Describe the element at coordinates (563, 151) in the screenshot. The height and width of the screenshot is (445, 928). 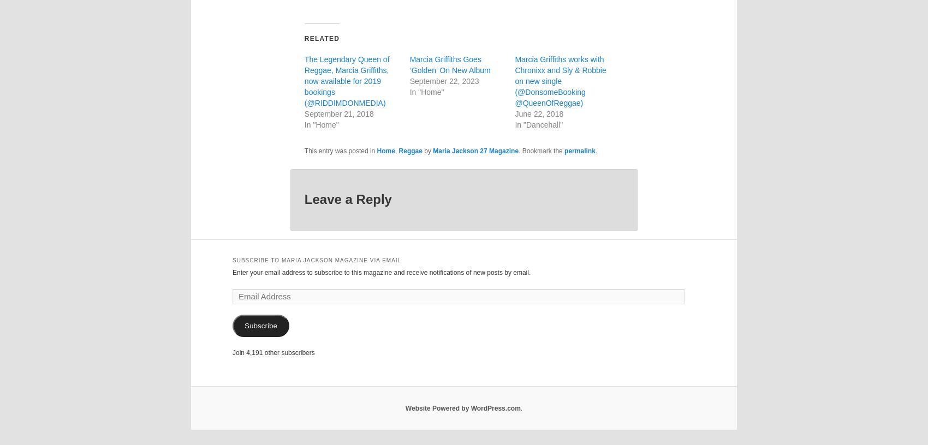
I see `'permalink'` at that location.